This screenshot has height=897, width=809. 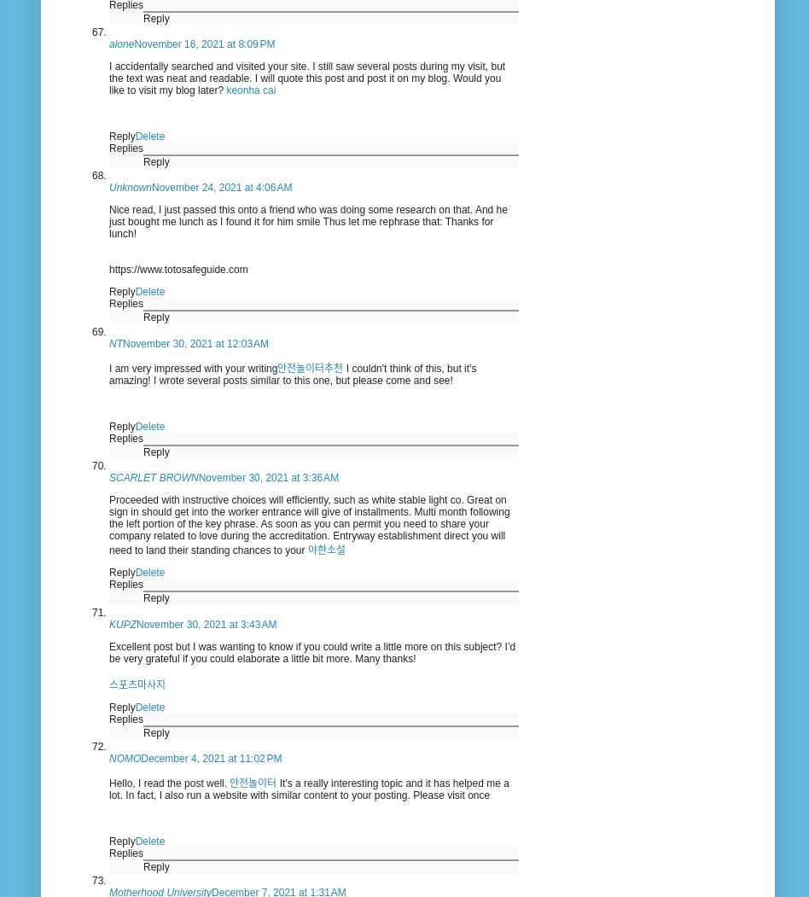 What do you see at coordinates (120, 42) in the screenshot?
I see `'alone'` at bounding box center [120, 42].